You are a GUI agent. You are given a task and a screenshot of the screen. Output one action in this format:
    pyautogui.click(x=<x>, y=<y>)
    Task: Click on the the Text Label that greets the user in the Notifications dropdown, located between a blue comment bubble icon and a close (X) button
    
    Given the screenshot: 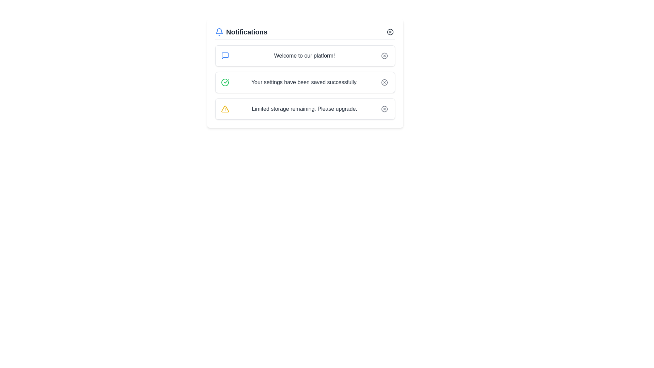 What is the action you would take?
    pyautogui.click(x=304, y=56)
    